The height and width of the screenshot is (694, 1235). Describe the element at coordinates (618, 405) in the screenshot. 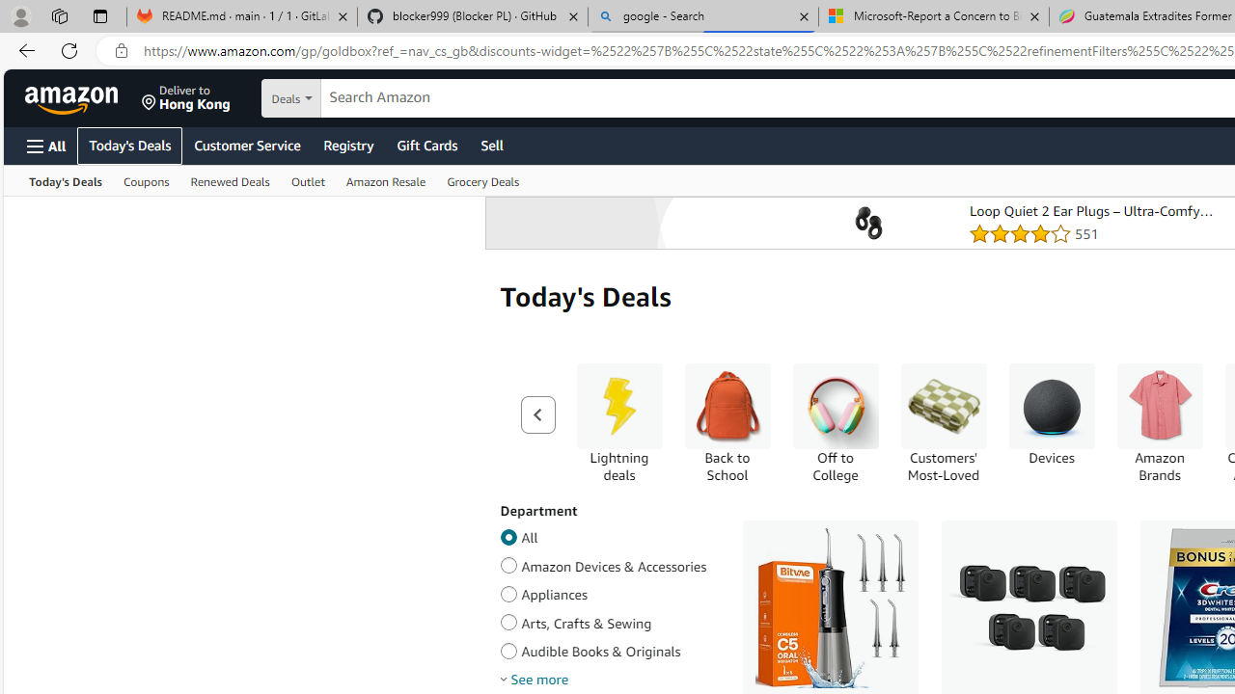

I see `'Lightning deals'` at that location.